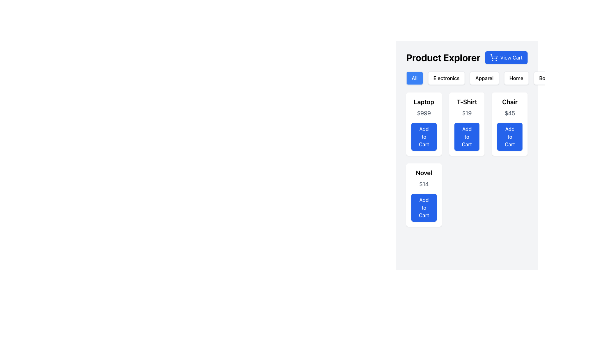 This screenshot has width=608, height=342. What do you see at coordinates (516, 78) in the screenshot?
I see `the fourth button in the top navigation bar, which navigates to the 'Home' section of the application` at bounding box center [516, 78].